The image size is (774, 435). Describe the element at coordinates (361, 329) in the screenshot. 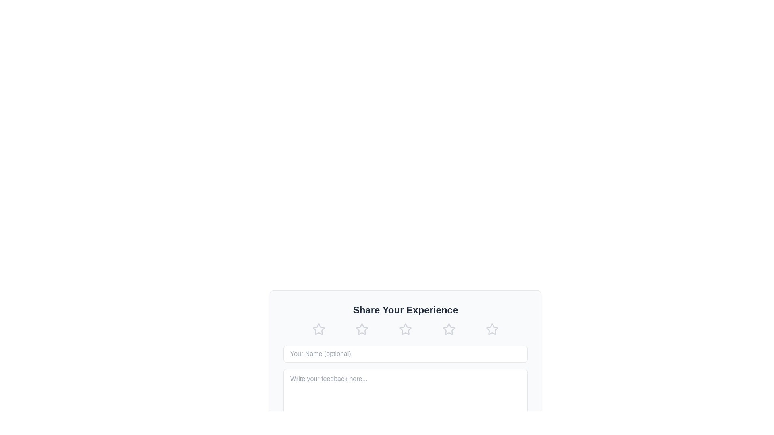

I see `the first star-shaped rating icon, which is part of a horizontal group of five stars under the 'Share Your Experience' header` at that location.